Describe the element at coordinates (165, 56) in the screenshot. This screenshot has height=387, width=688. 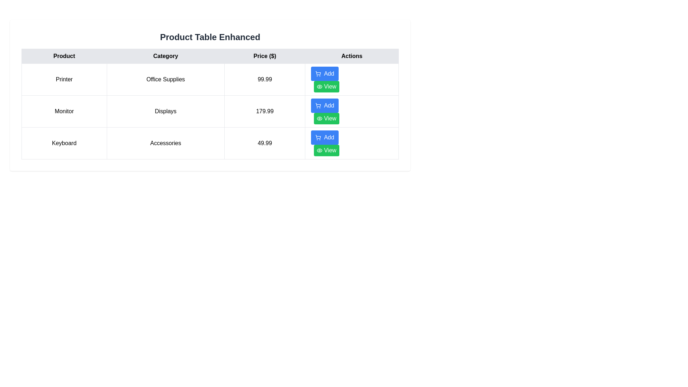
I see `text content of the table header cell labeled 'Category', which is styled with a light gray background and black text, located in the second position of the header row` at that location.